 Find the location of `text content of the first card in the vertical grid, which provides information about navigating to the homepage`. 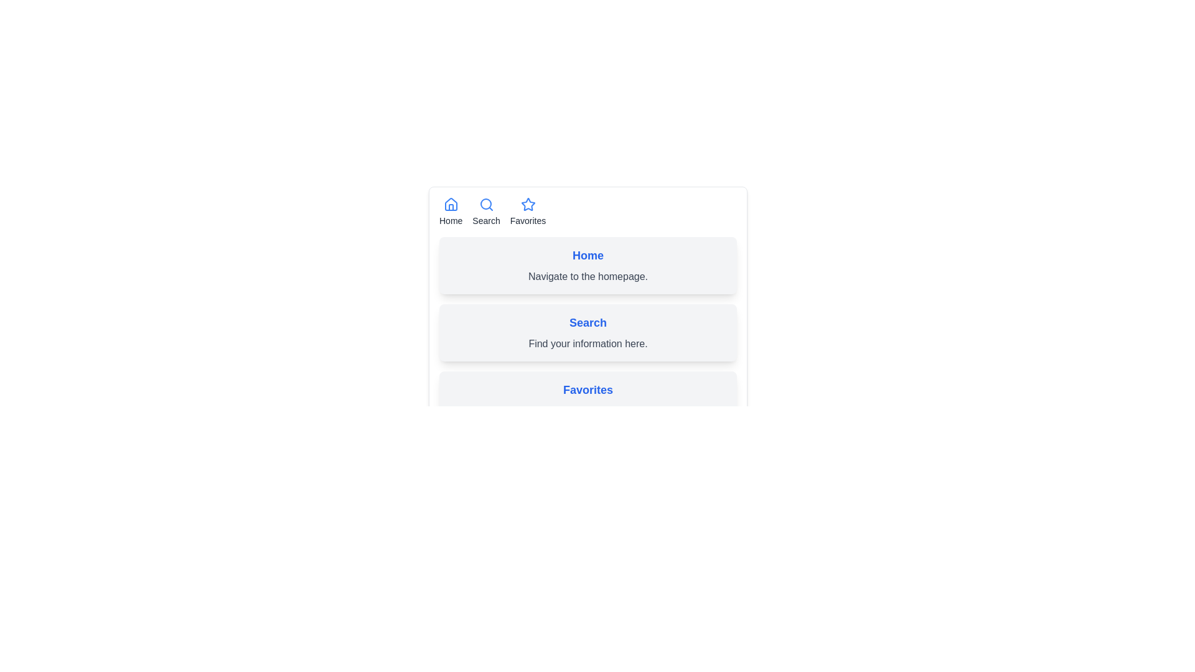

text content of the first card in the vertical grid, which provides information about navigating to the homepage is located at coordinates (588, 265).